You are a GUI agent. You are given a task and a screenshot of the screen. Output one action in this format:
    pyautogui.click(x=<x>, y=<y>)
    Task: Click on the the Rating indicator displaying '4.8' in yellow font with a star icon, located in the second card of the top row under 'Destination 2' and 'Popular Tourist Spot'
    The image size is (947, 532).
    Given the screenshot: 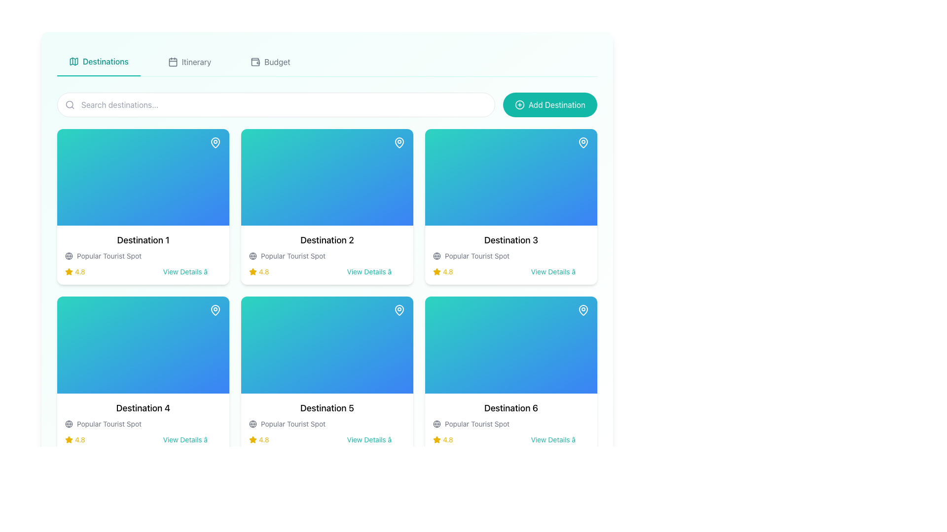 What is the action you would take?
    pyautogui.click(x=259, y=272)
    